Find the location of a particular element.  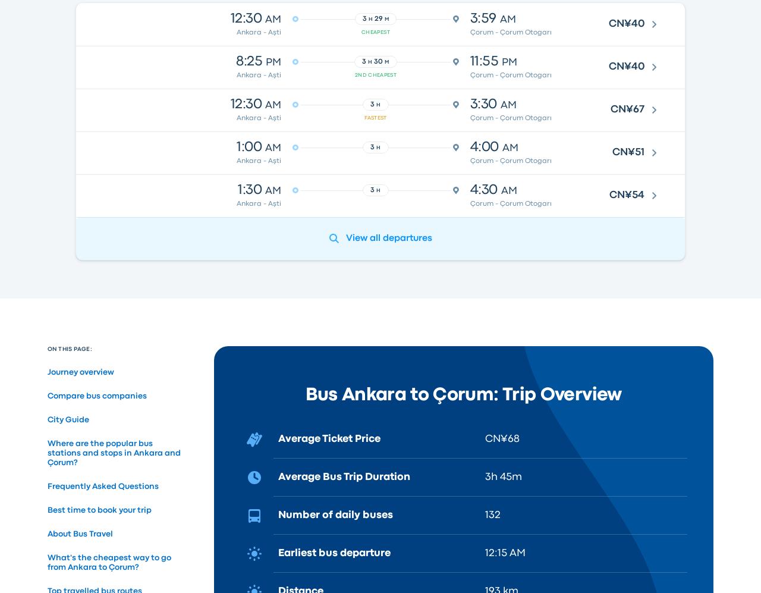

'132' is located at coordinates (492, 514).